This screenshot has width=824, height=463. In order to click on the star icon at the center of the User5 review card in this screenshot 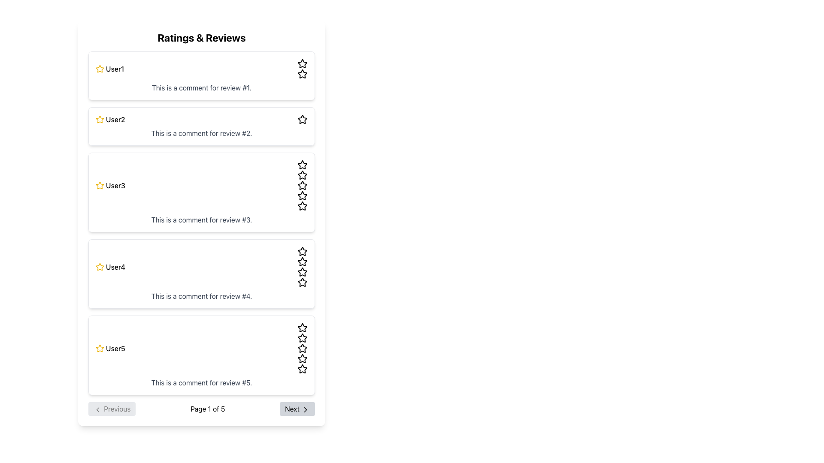, I will do `click(303, 328)`.